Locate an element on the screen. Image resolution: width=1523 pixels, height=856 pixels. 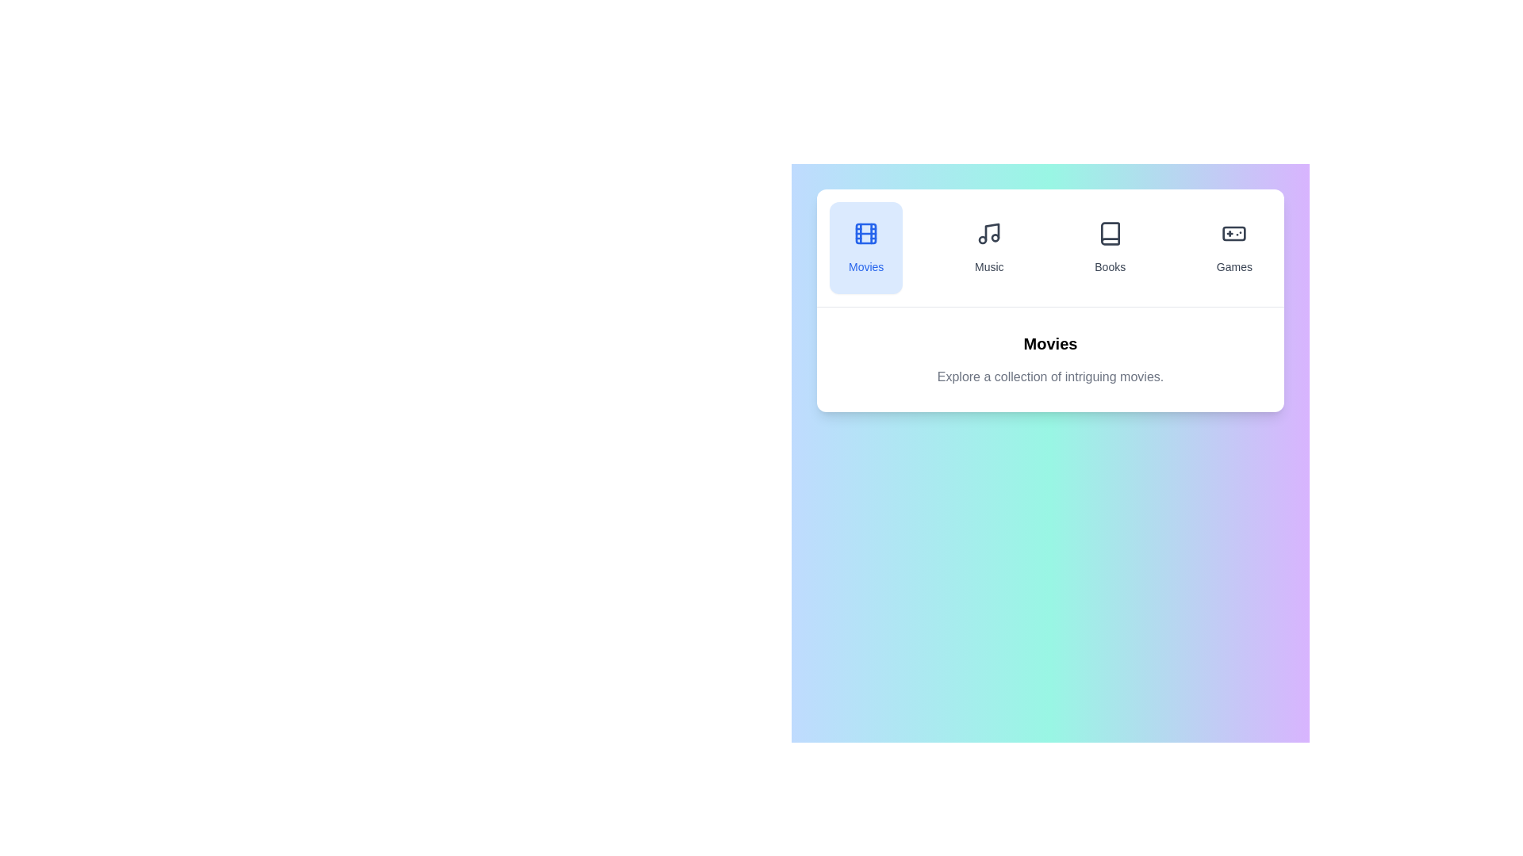
the Books tab to switch to the respective entertainment category is located at coordinates (1108, 247).